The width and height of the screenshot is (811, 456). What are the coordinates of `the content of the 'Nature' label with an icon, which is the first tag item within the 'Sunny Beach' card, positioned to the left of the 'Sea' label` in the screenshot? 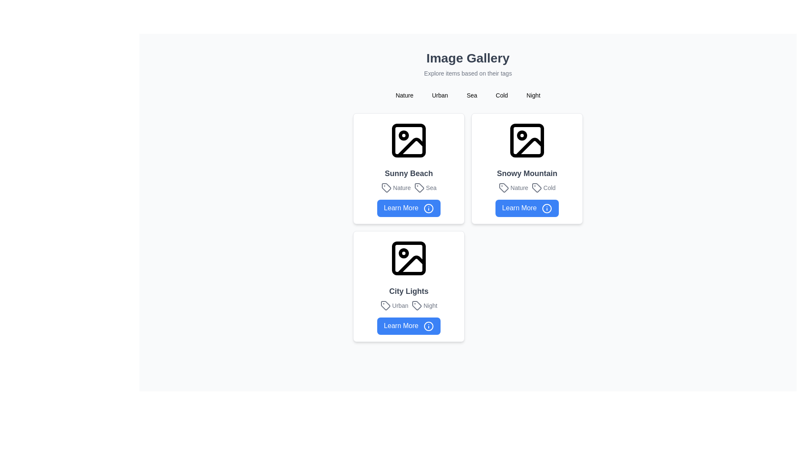 It's located at (395, 187).